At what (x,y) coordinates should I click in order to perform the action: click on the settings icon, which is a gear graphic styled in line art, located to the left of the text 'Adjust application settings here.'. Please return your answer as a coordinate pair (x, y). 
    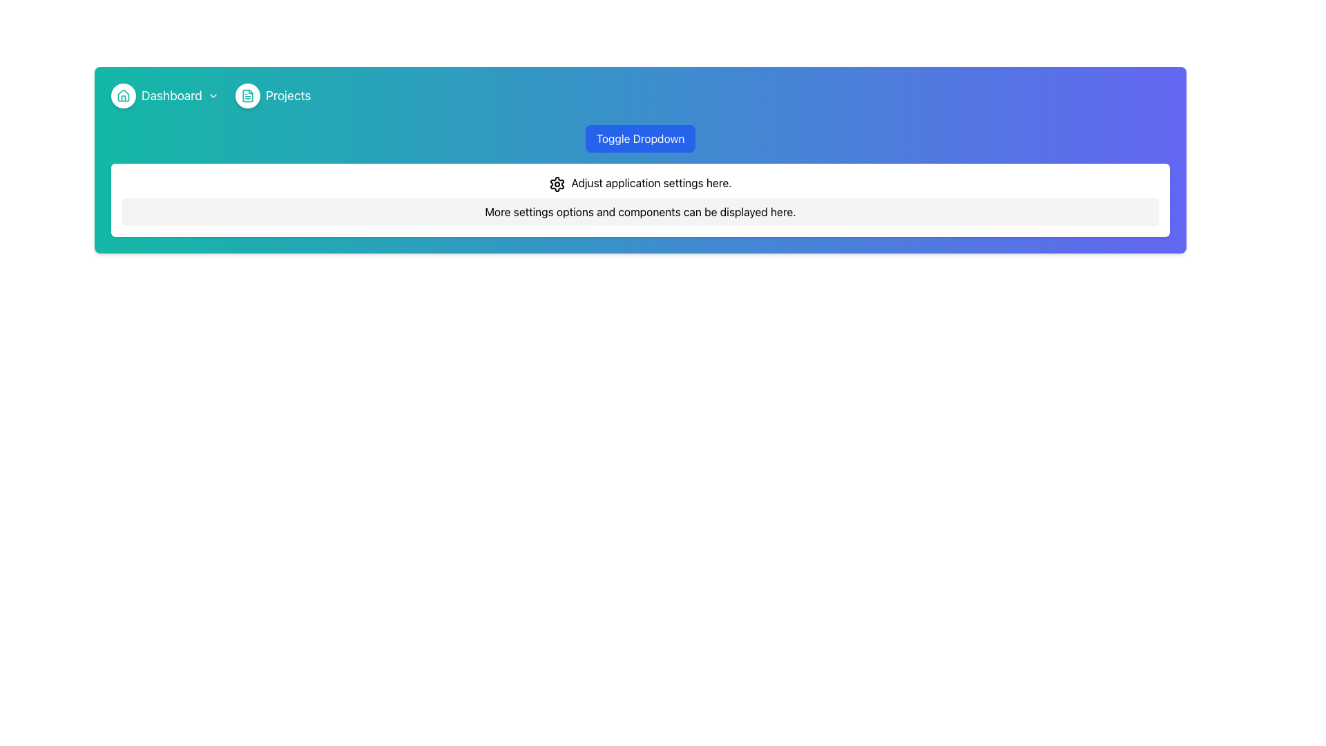
    Looking at the image, I should click on (557, 183).